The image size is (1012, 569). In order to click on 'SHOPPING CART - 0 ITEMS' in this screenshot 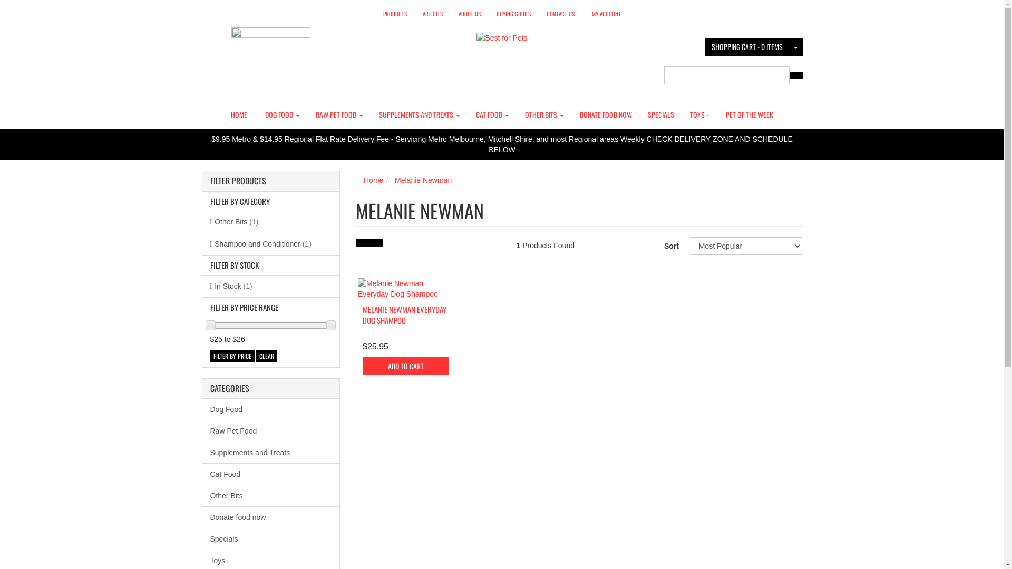, I will do `click(746, 46)`.